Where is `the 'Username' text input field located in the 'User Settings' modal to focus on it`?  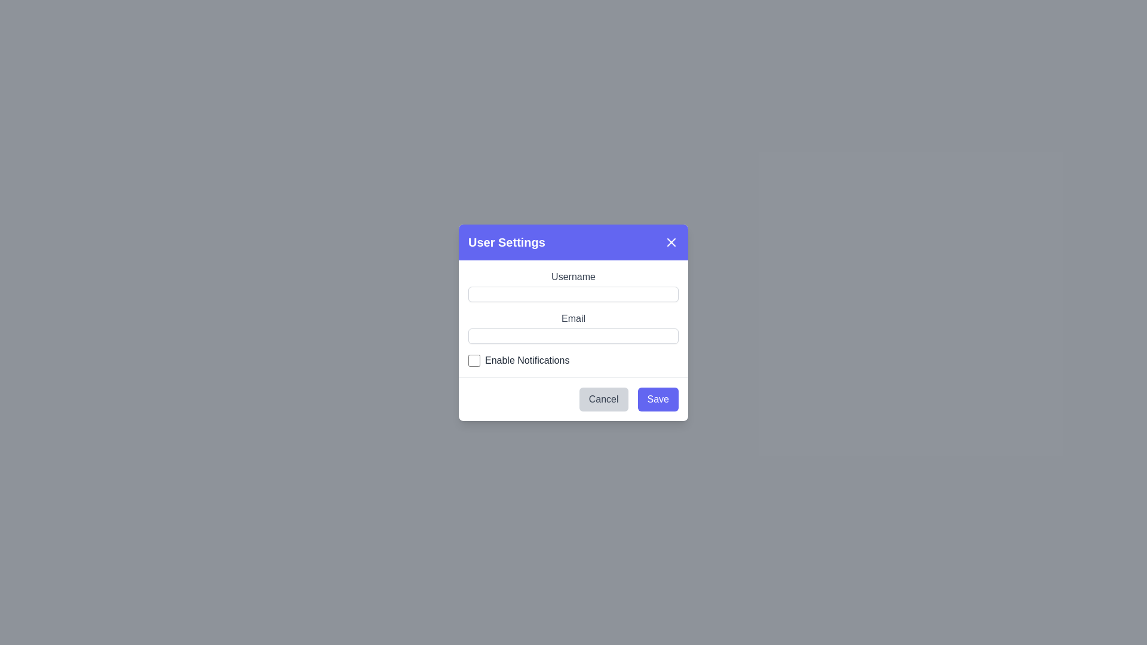 the 'Username' text input field located in the 'User Settings' modal to focus on it is located at coordinates (573, 285).